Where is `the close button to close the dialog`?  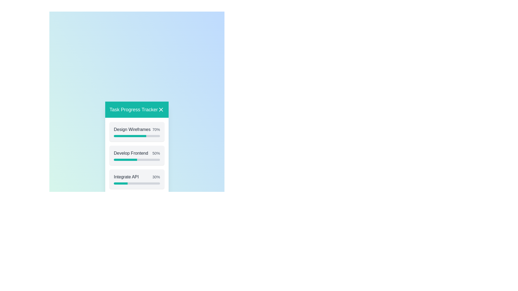
the close button to close the dialog is located at coordinates (161, 109).